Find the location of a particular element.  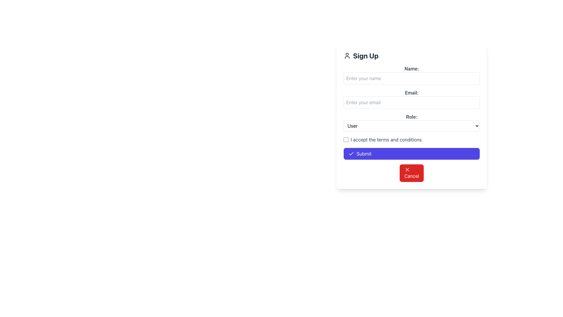

the text label stating 'I accept the terms and conditions', which is styled in gray and positioned near the bottom of the form, adjacent to a checkbox is located at coordinates (386, 139).